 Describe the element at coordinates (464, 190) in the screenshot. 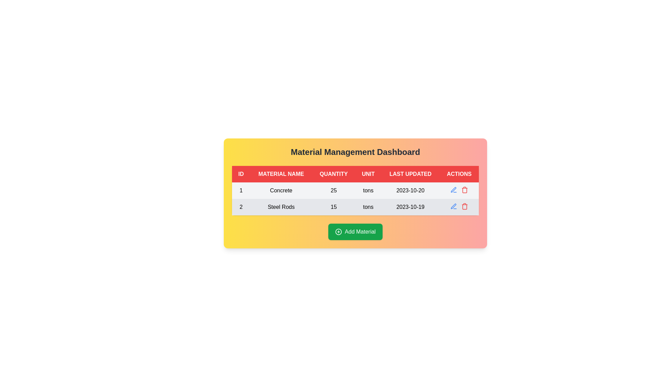

I see `the middle section of the trash can icon, which is the vertical rectangular area with slightly rounded corners, styled with a plain stroke` at that location.